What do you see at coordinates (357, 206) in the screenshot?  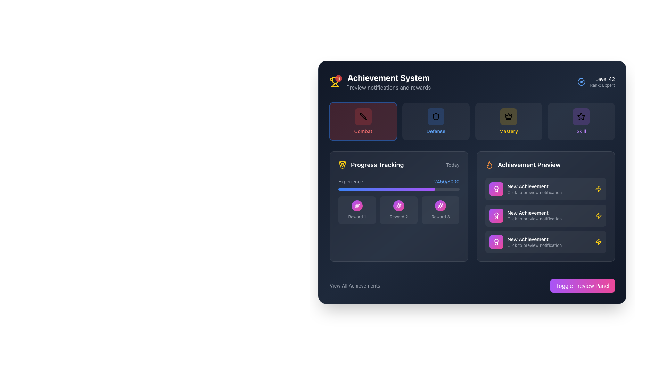 I see `the reward icon labeled 'Reward 1' located in the middle row of the 'Progress Tracking' section, specifically in the first position of a three-item horizontal group` at bounding box center [357, 206].